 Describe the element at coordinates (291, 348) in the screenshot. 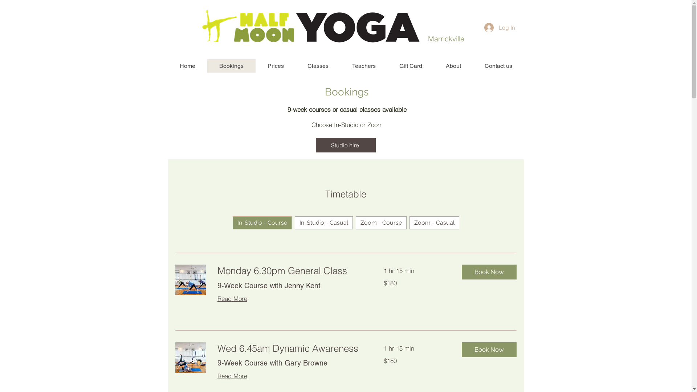

I see `'Wed 6.45am Dynamic Awareness'` at that location.